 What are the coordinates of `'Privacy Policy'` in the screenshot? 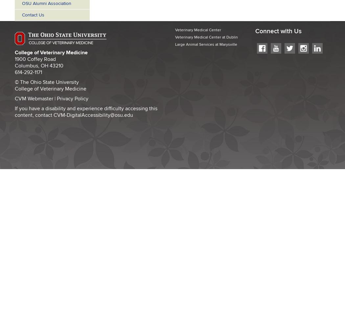 It's located at (72, 98).